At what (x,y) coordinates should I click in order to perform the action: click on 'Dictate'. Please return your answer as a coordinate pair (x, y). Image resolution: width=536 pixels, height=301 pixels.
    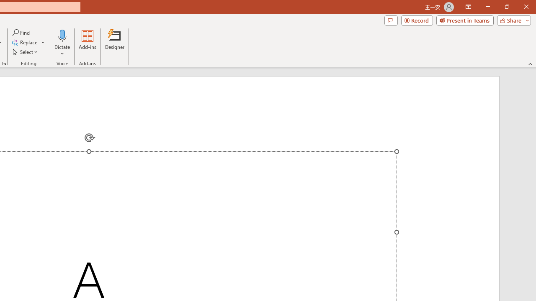
    Looking at the image, I should click on (62, 43).